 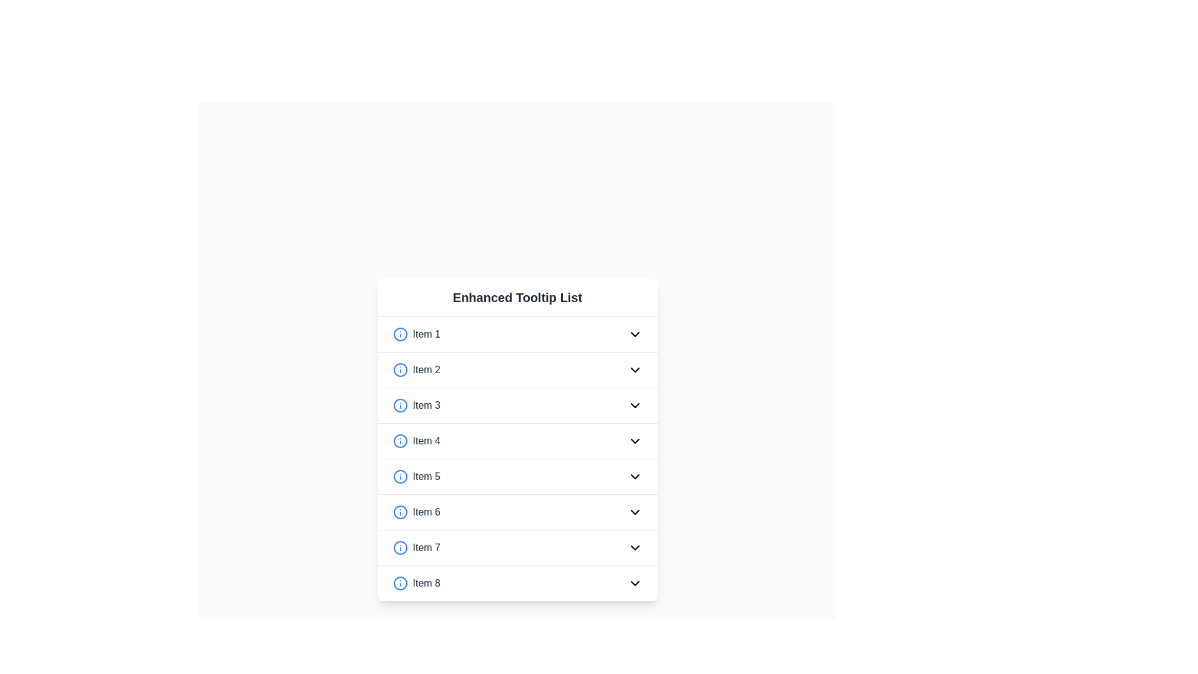 What do you see at coordinates (517, 583) in the screenshot?
I see `the interactive list item labeled 'Item 8'` at bounding box center [517, 583].